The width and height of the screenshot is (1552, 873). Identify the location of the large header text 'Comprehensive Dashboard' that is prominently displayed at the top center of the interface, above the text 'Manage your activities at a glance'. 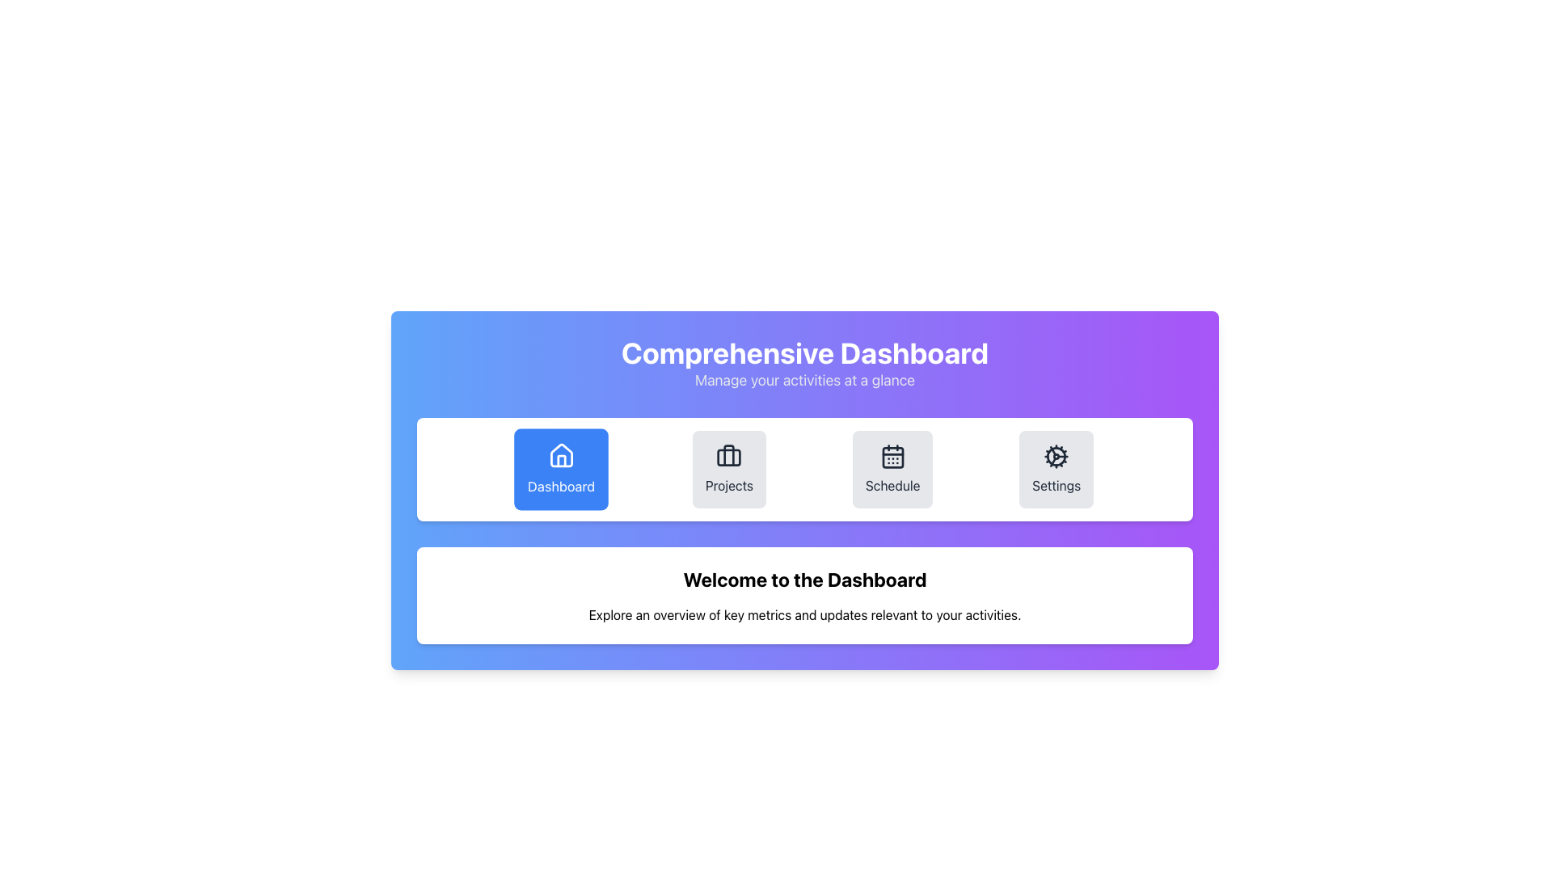
(805, 352).